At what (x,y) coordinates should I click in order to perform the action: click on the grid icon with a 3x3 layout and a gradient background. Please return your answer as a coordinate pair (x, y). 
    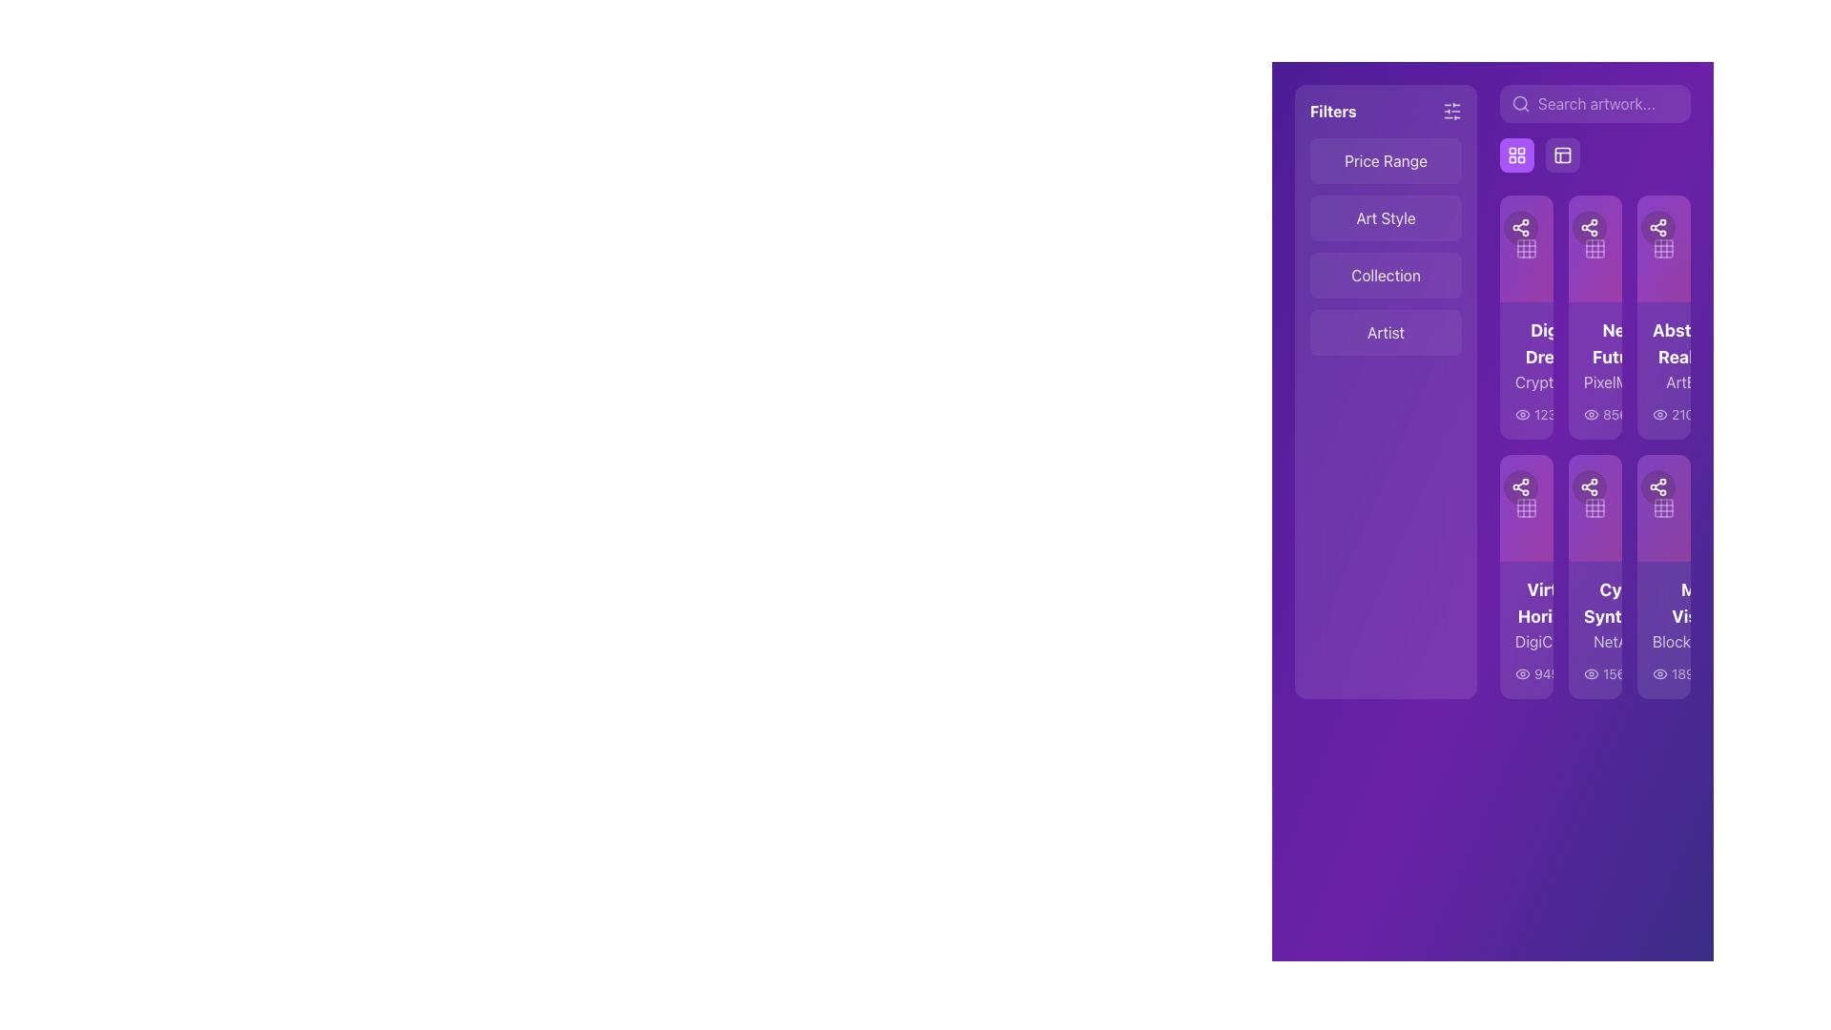
    Looking at the image, I should click on (1527, 248).